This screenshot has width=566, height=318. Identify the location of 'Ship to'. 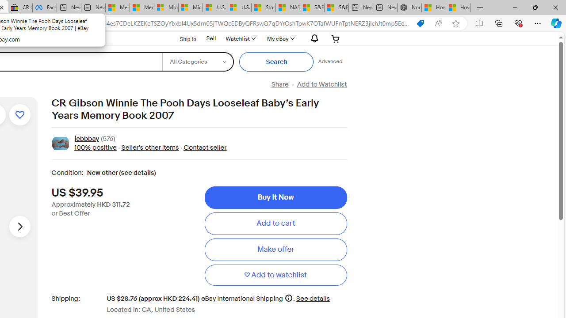
(182, 38).